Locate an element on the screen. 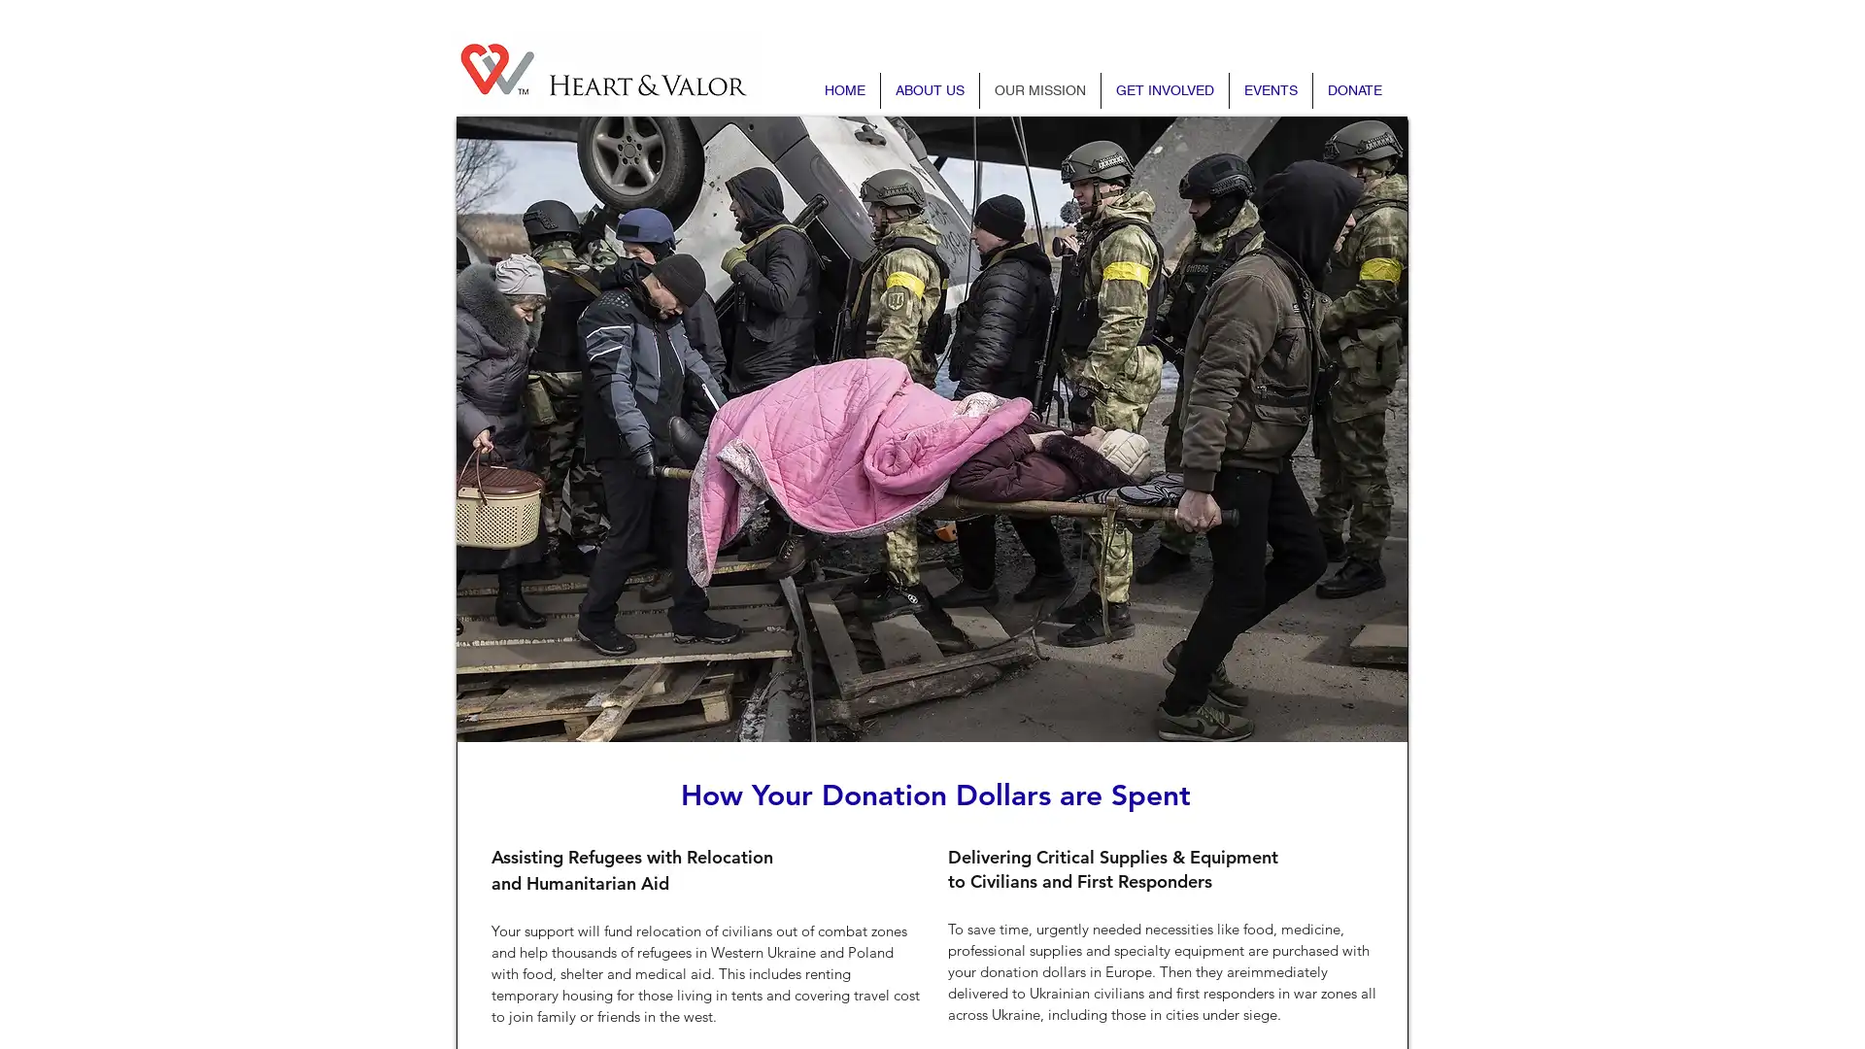 This screenshot has width=1865, height=1049. Next is located at coordinates (1336, 427).